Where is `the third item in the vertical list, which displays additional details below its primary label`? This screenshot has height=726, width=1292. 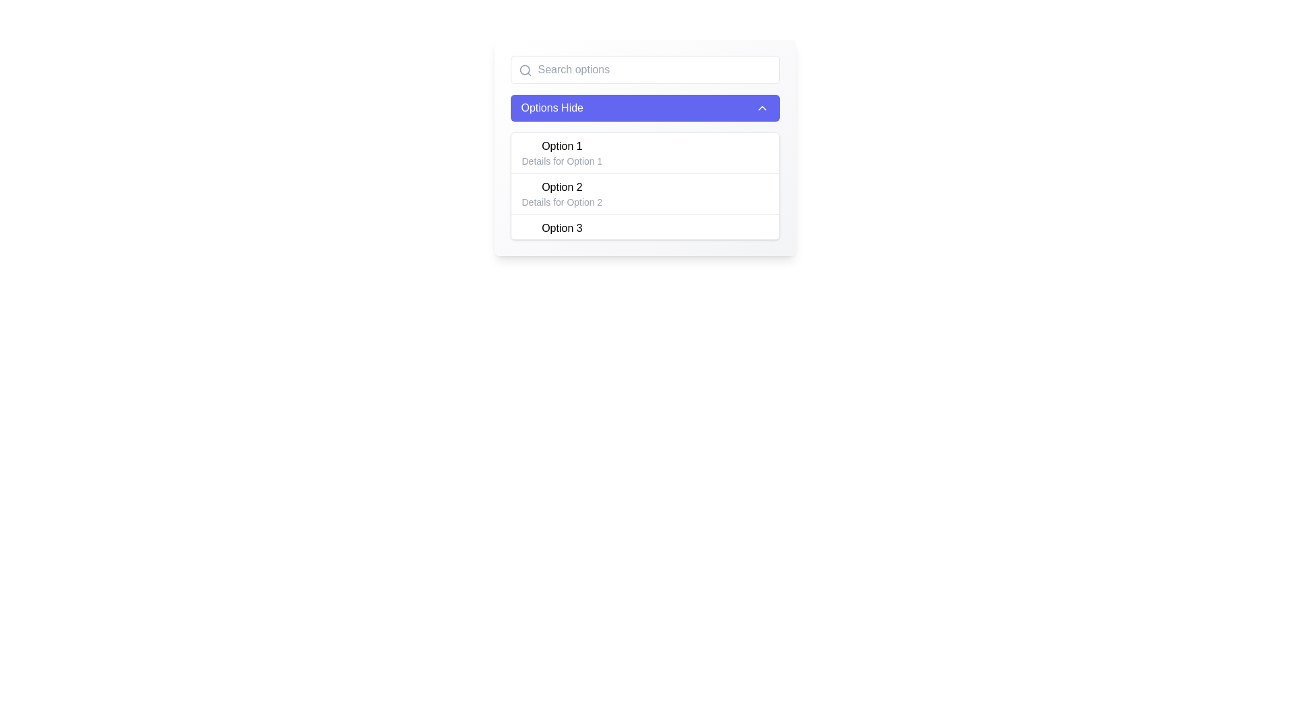 the third item in the vertical list, which displays additional details below its primary label is located at coordinates (562, 235).